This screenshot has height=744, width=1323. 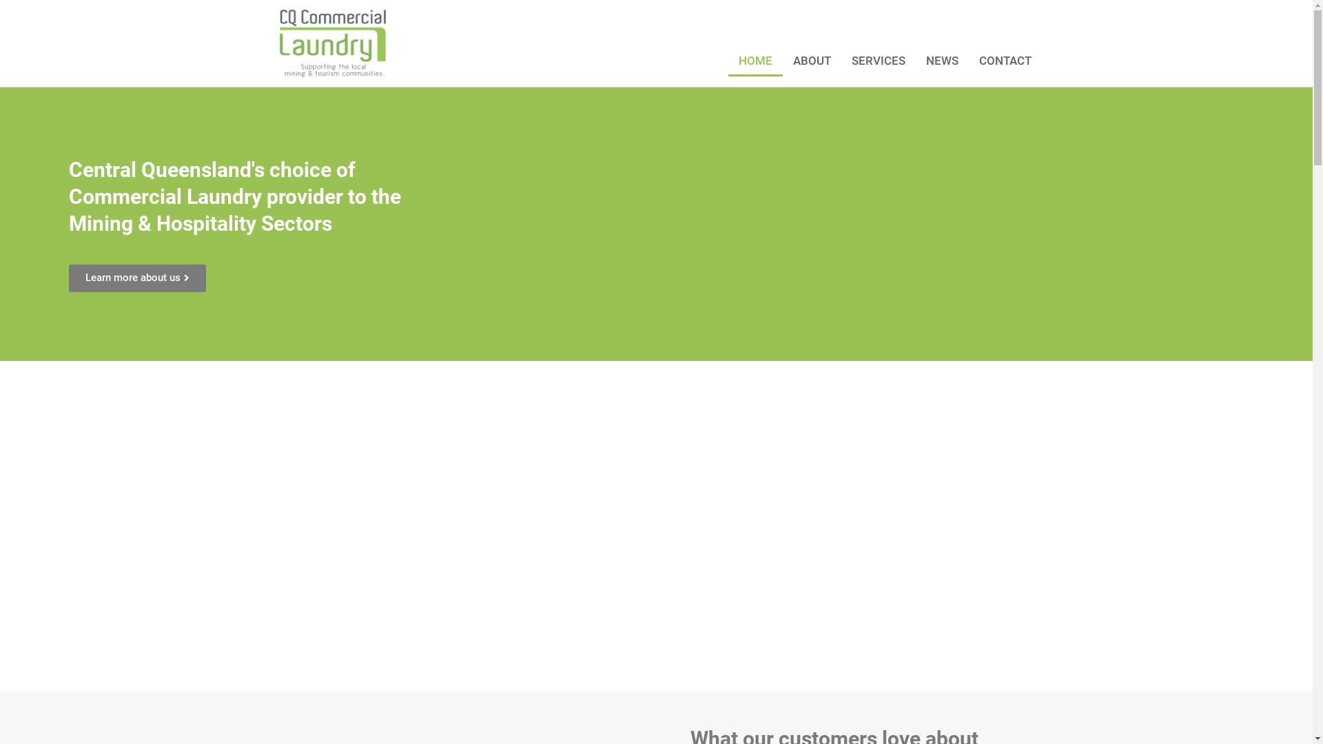 What do you see at coordinates (755, 60) in the screenshot?
I see `'HOME'` at bounding box center [755, 60].